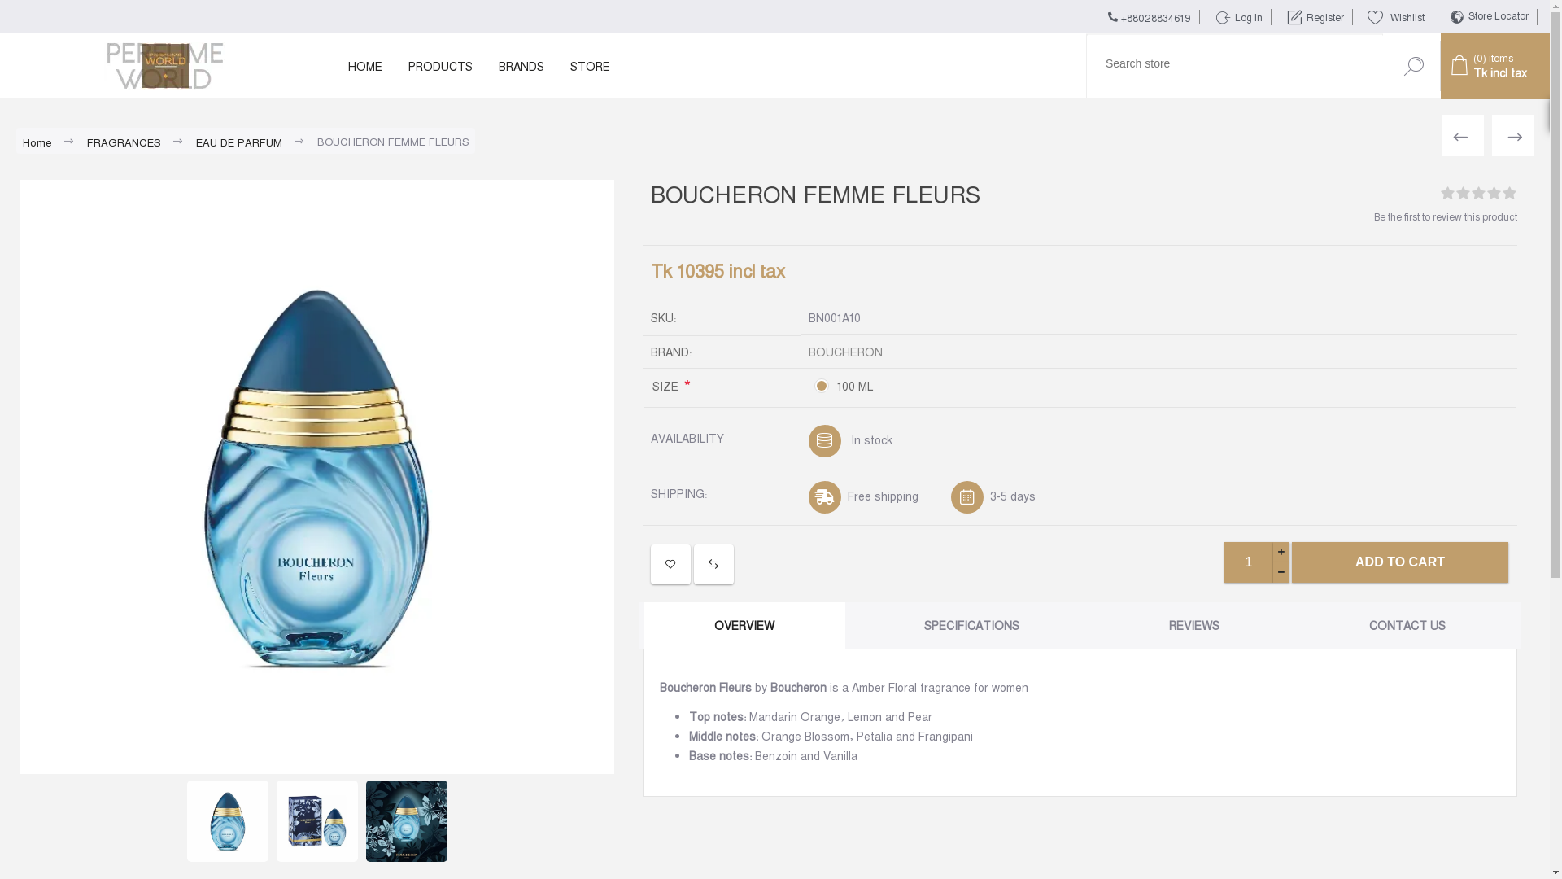 The image size is (1562, 879). Describe the element at coordinates (440, 65) in the screenshot. I see `'PRODUCTS'` at that location.